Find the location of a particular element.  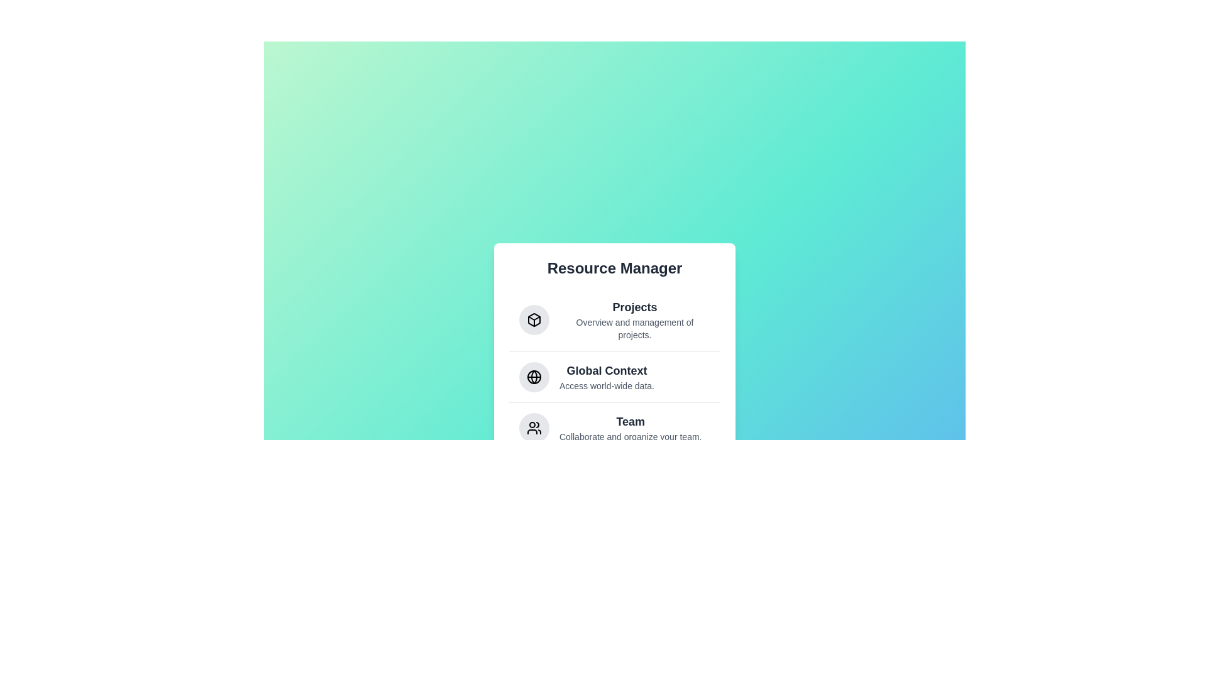

the Global Context icon to select it is located at coordinates (534, 376).